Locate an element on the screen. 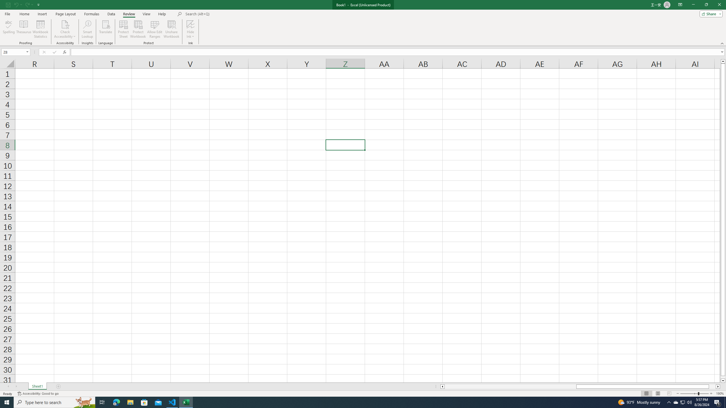 This screenshot has width=726, height=408. 'Translate' is located at coordinates (105, 29).